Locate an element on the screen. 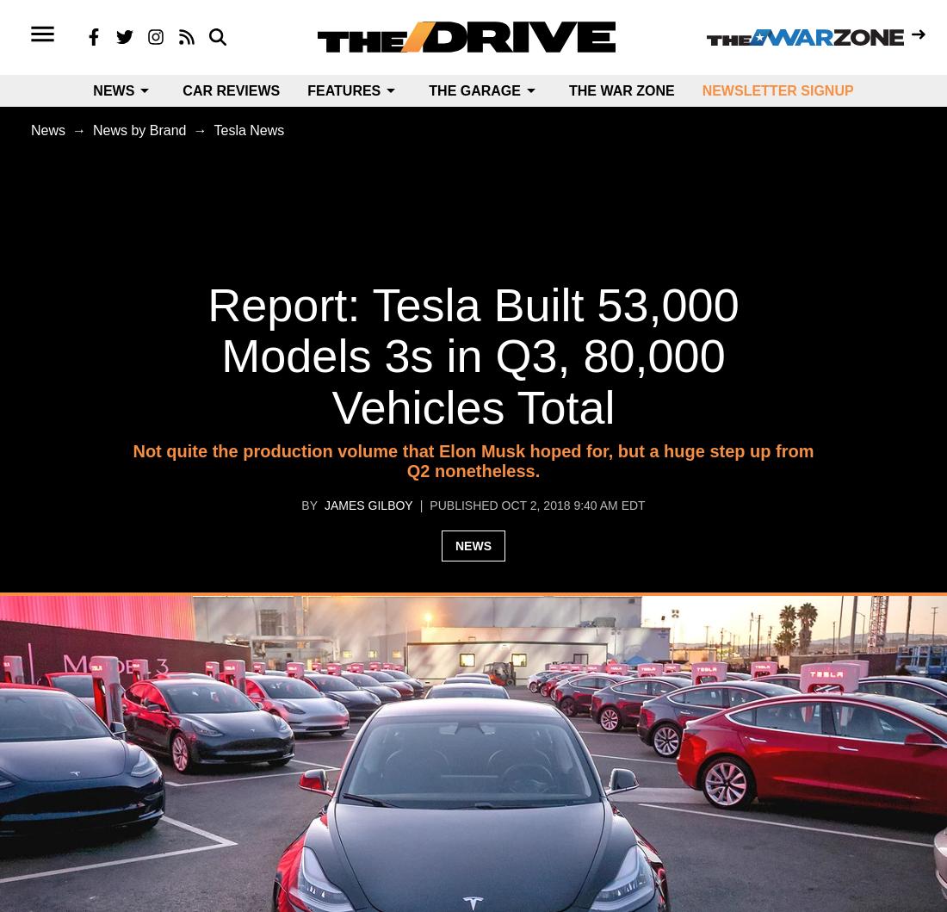 This screenshot has height=912, width=947. '|' is located at coordinates (420, 505).